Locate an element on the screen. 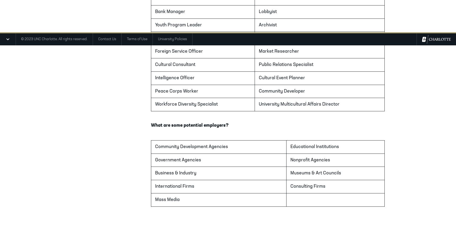 This screenshot has height=238, width=456. 'International Firms' is located at coordinates (175, 186).